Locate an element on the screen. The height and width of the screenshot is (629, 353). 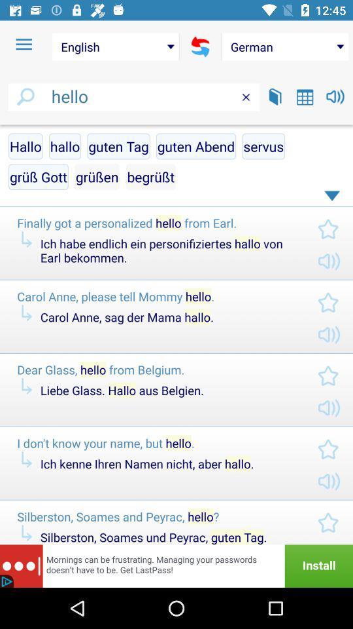
the icon next to the guten tag is located at coordinates (195, 146).